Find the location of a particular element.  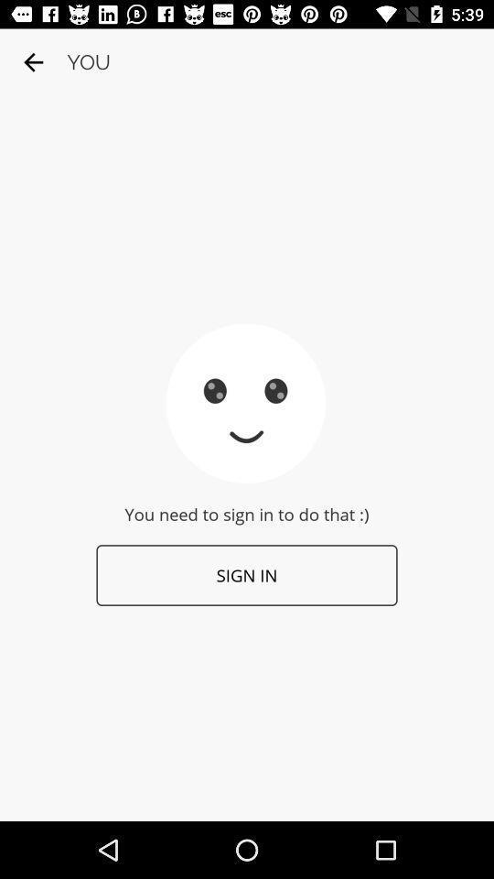

item next to the you item is located at coordinates (33, 62).